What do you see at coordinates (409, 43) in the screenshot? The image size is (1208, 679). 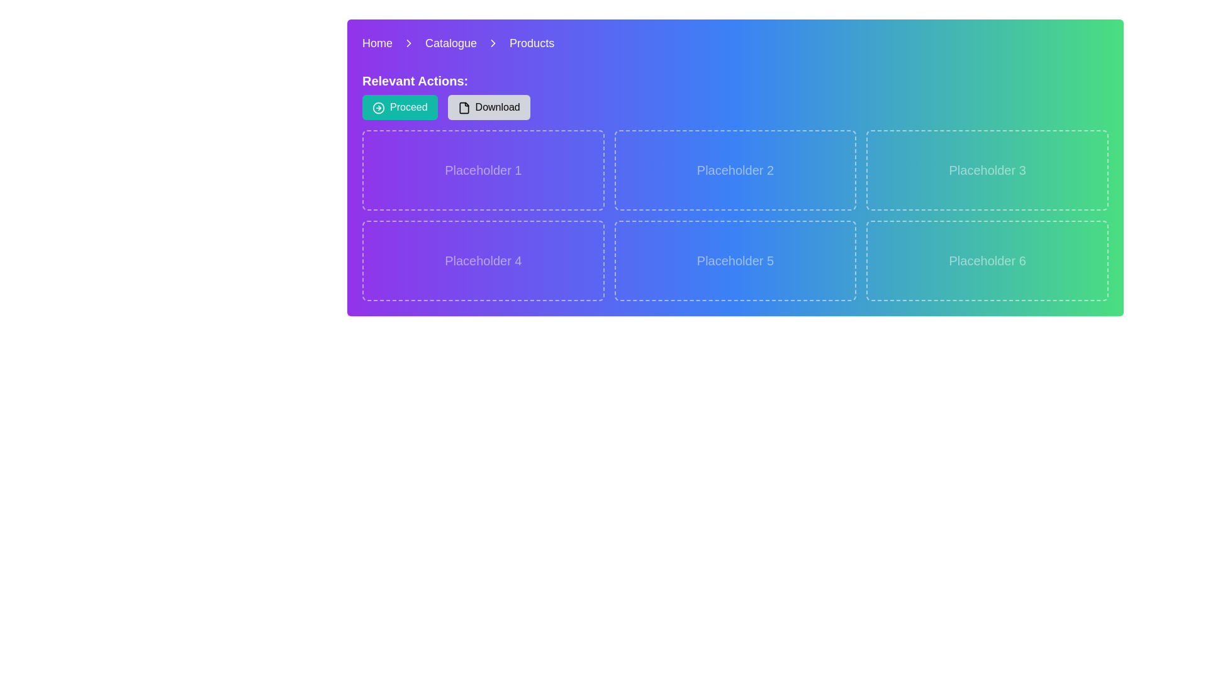 I see `the right-facing chevron icon in the breadcrumb navigation bar, which has a thin black outline and is positioned between the 'Home' and 'Catalogue' links` at bounding box center [409, 43].